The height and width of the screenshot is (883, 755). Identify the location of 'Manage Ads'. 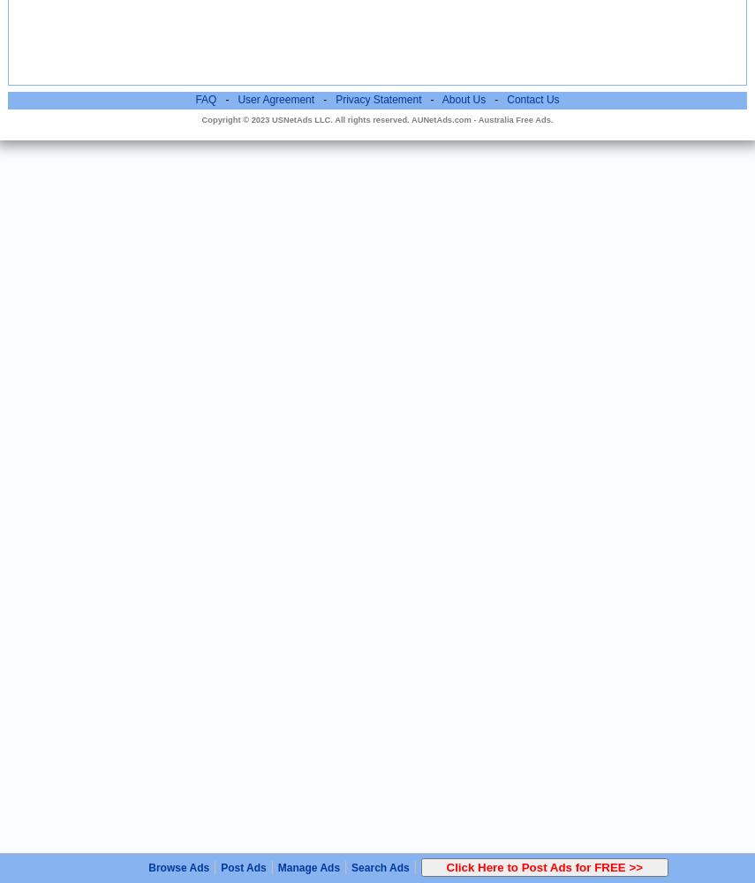
(308, 867).